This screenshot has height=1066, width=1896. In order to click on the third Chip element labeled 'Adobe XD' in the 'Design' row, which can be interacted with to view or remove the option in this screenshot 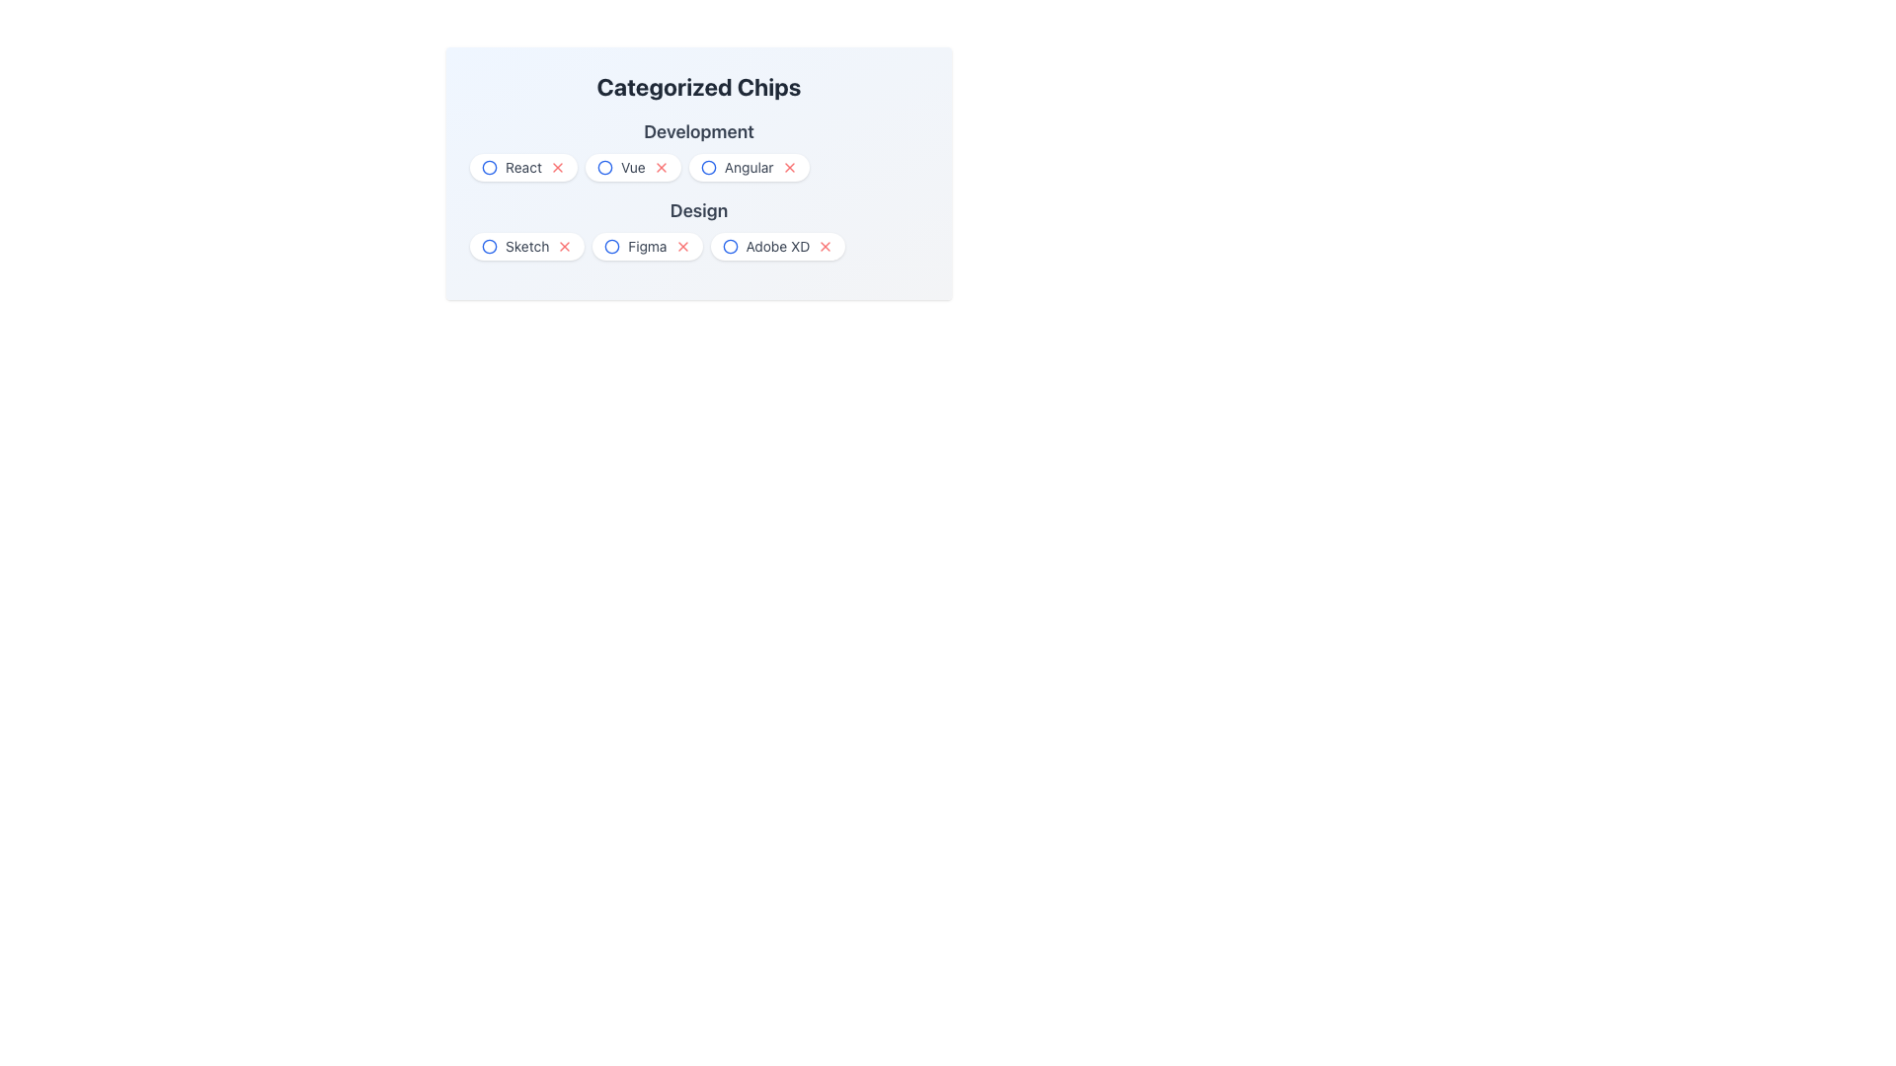, I will do `click(776, 246)`.